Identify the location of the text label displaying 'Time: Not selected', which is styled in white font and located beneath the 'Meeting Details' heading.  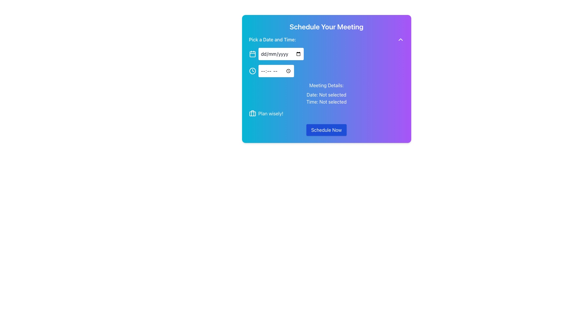
(326, 102).